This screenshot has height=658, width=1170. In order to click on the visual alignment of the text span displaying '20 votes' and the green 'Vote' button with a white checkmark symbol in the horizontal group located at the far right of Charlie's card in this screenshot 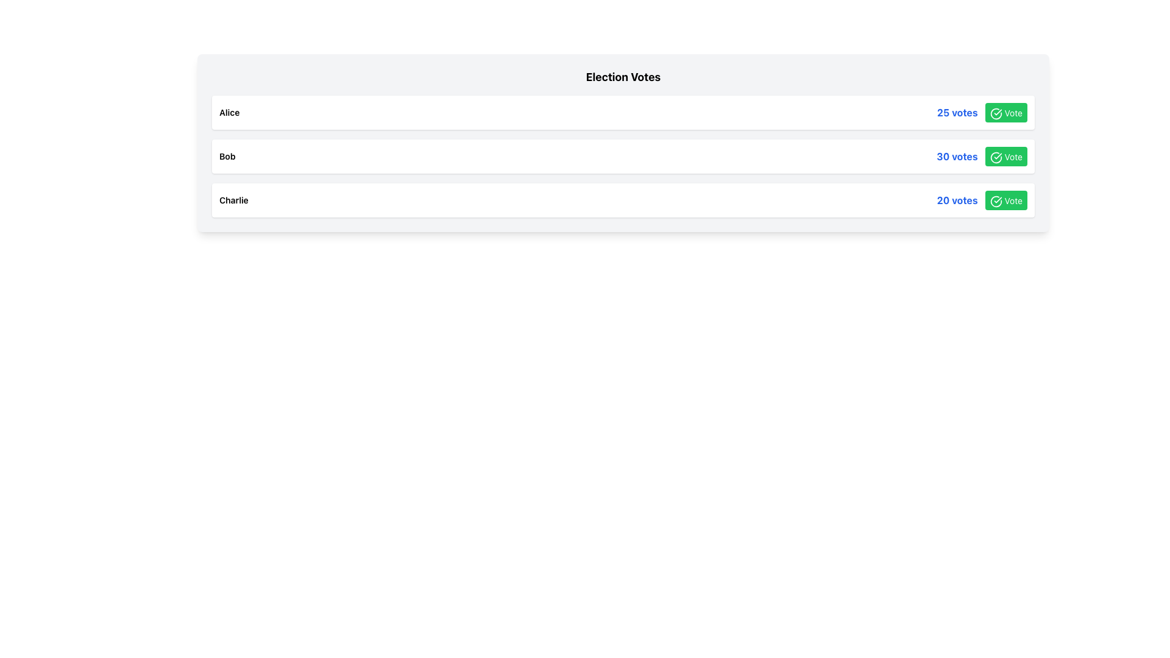, I will do `click(982, 199)`.